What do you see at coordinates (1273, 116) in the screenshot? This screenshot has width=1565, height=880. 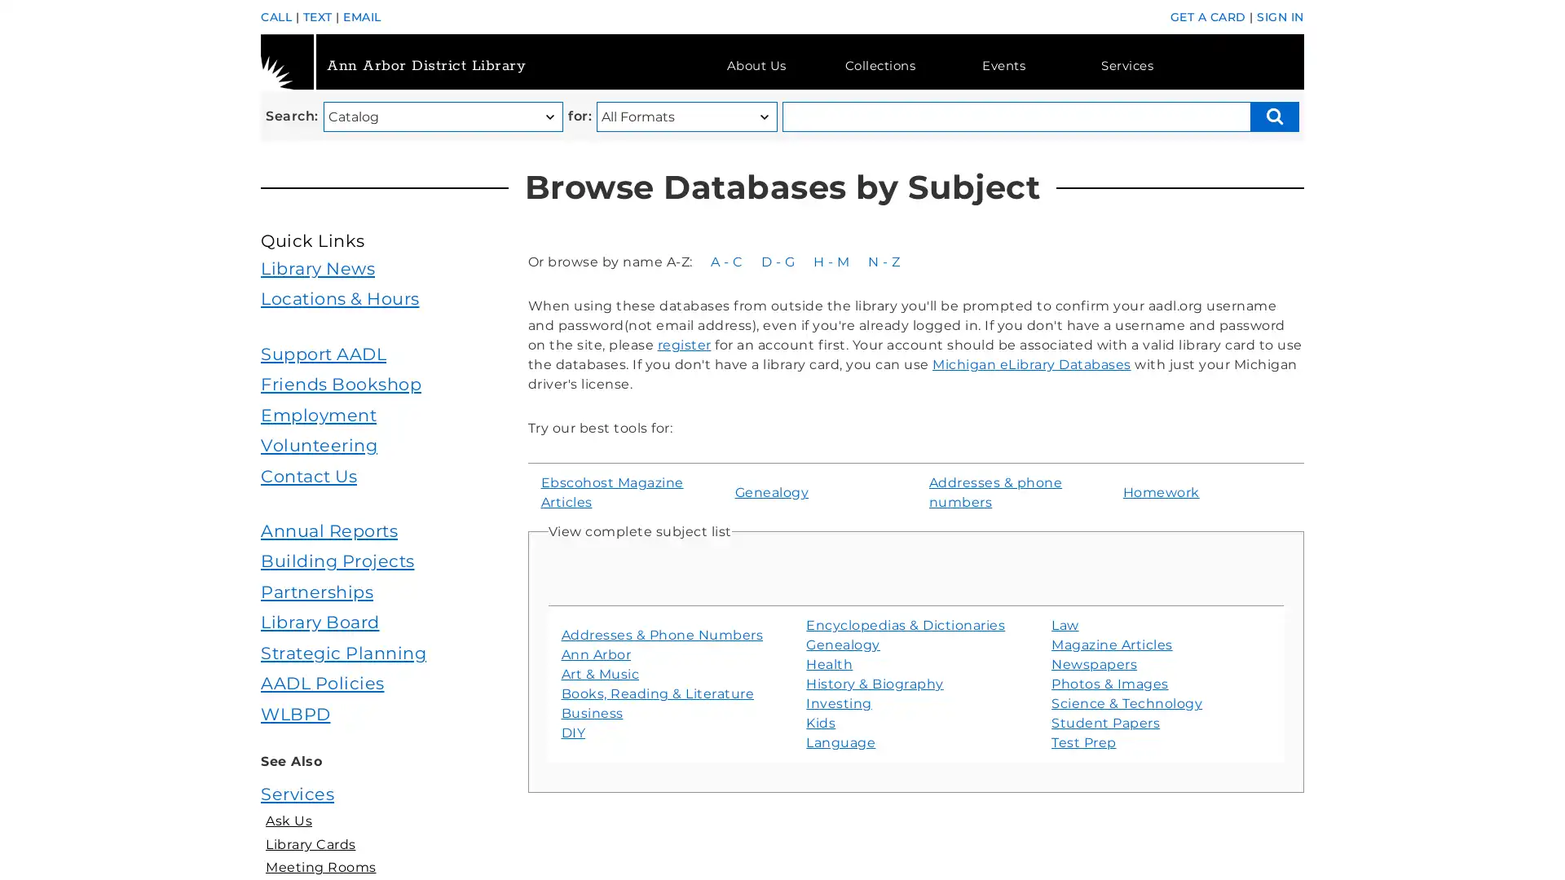 I see `Search submit` at bounding box center [1273, 116].